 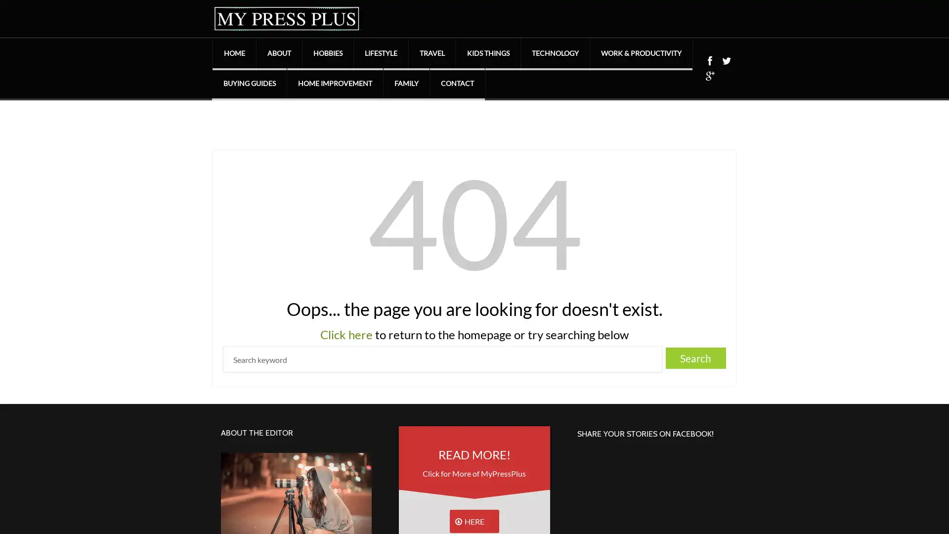 What do you see at coordinates (695, 358) in the screenshot?
I see `Search` at bounding box center [695, 358].